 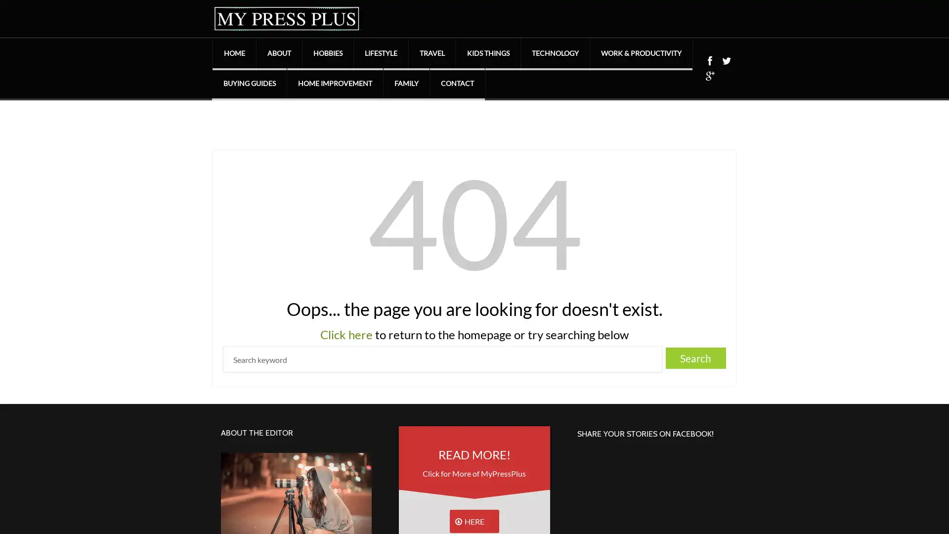 What do you see at coordinates (695, 358) in the screenshot?
I see `Search` at bounding box center [695, 358].